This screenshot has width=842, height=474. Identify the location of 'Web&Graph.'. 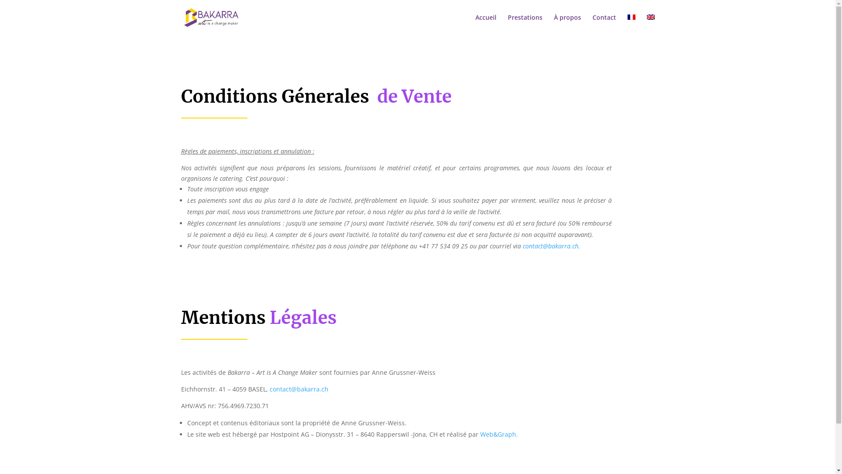
(499, 434).